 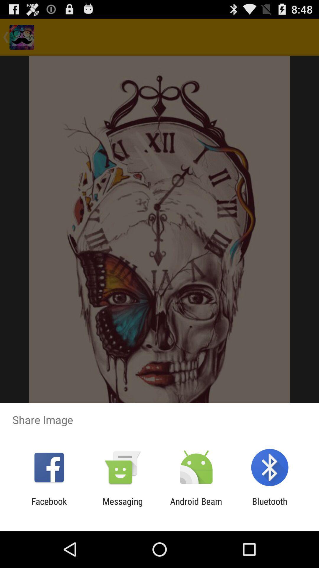 What do you see at coordinates (270, 506) in the screenshot?
I see `item to the right of the android beam icon` at bounding box center [270, 506].